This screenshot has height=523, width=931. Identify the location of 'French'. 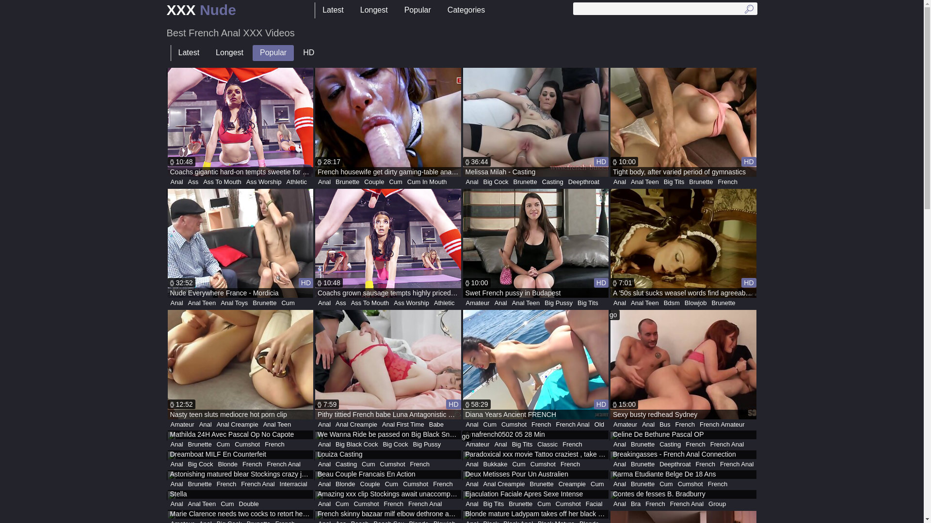
(393, 504).